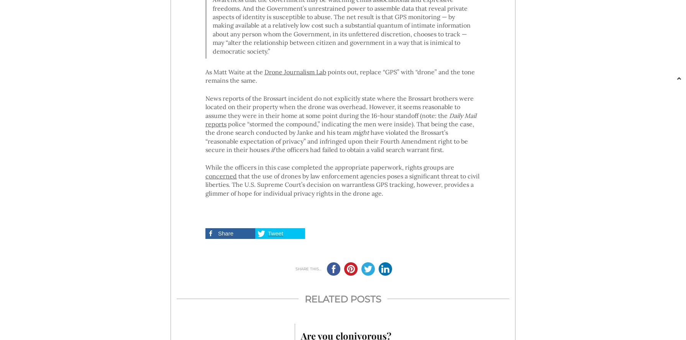  Describe the element at coordinates (234, 71) in the screenshot. I see `'As Matt Waite at the'` at that location.